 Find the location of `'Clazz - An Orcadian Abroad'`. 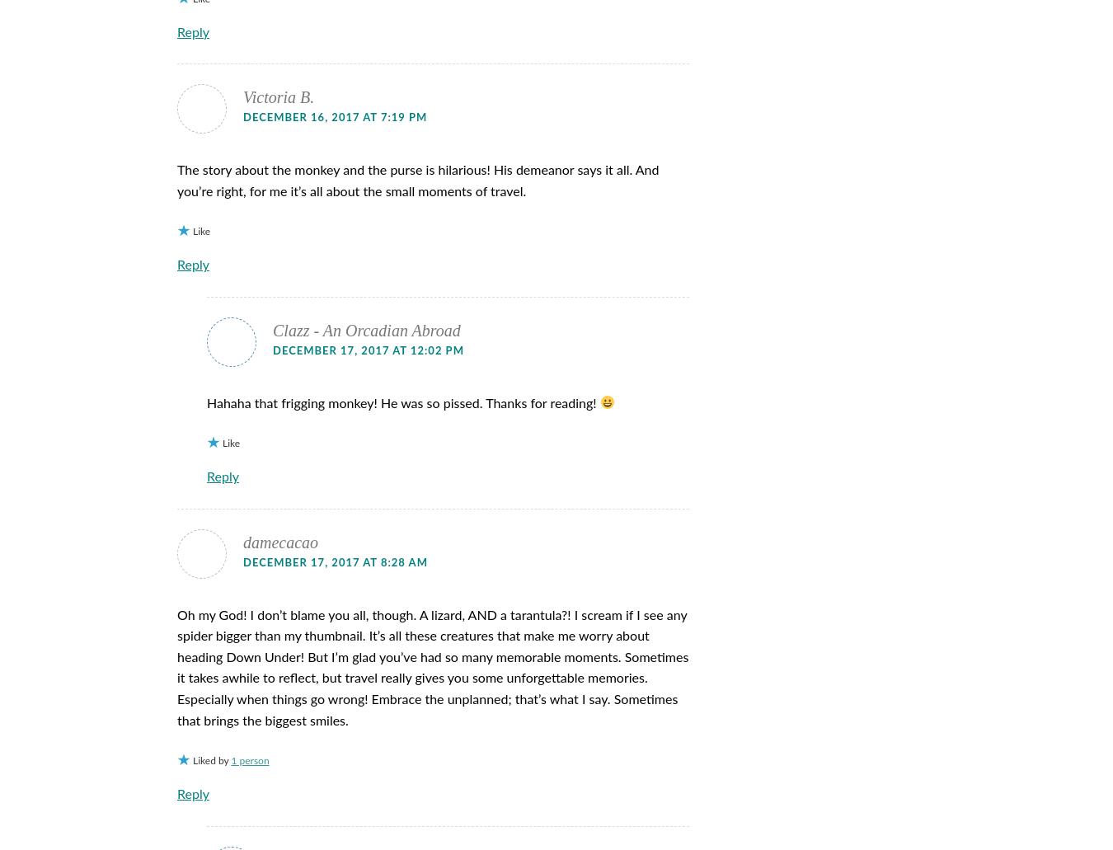

'Clazz - An Orcadian Abroad' is located at coordinates (366, 329).